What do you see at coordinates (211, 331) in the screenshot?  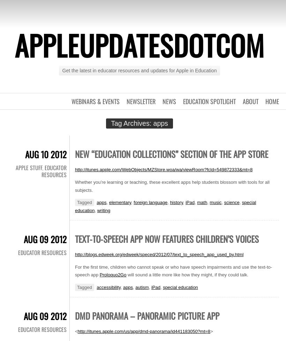 I see `'>'` at bounding box center [211, 331].